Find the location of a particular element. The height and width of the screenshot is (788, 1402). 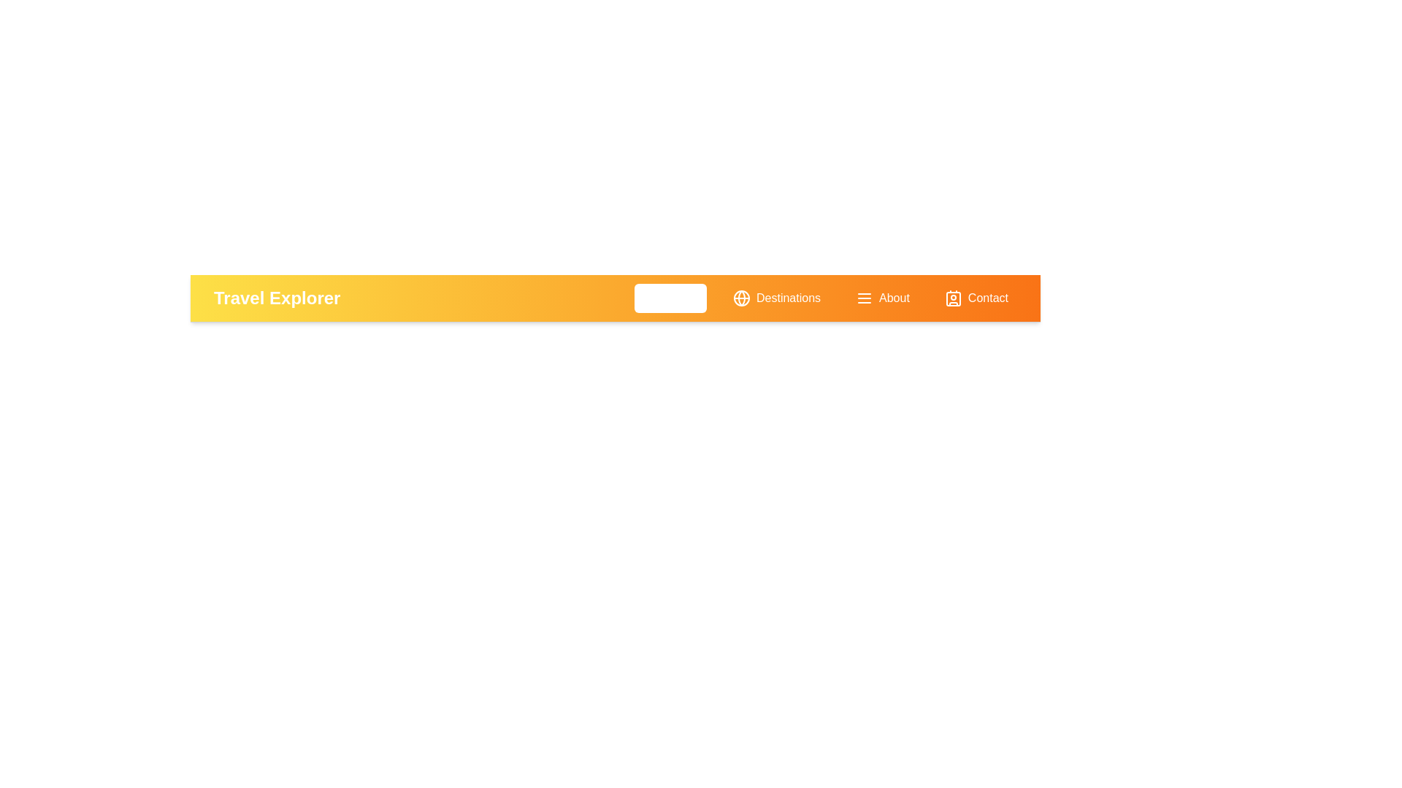

the 'About' button, which is the third item is located at coordinates (882, 297).